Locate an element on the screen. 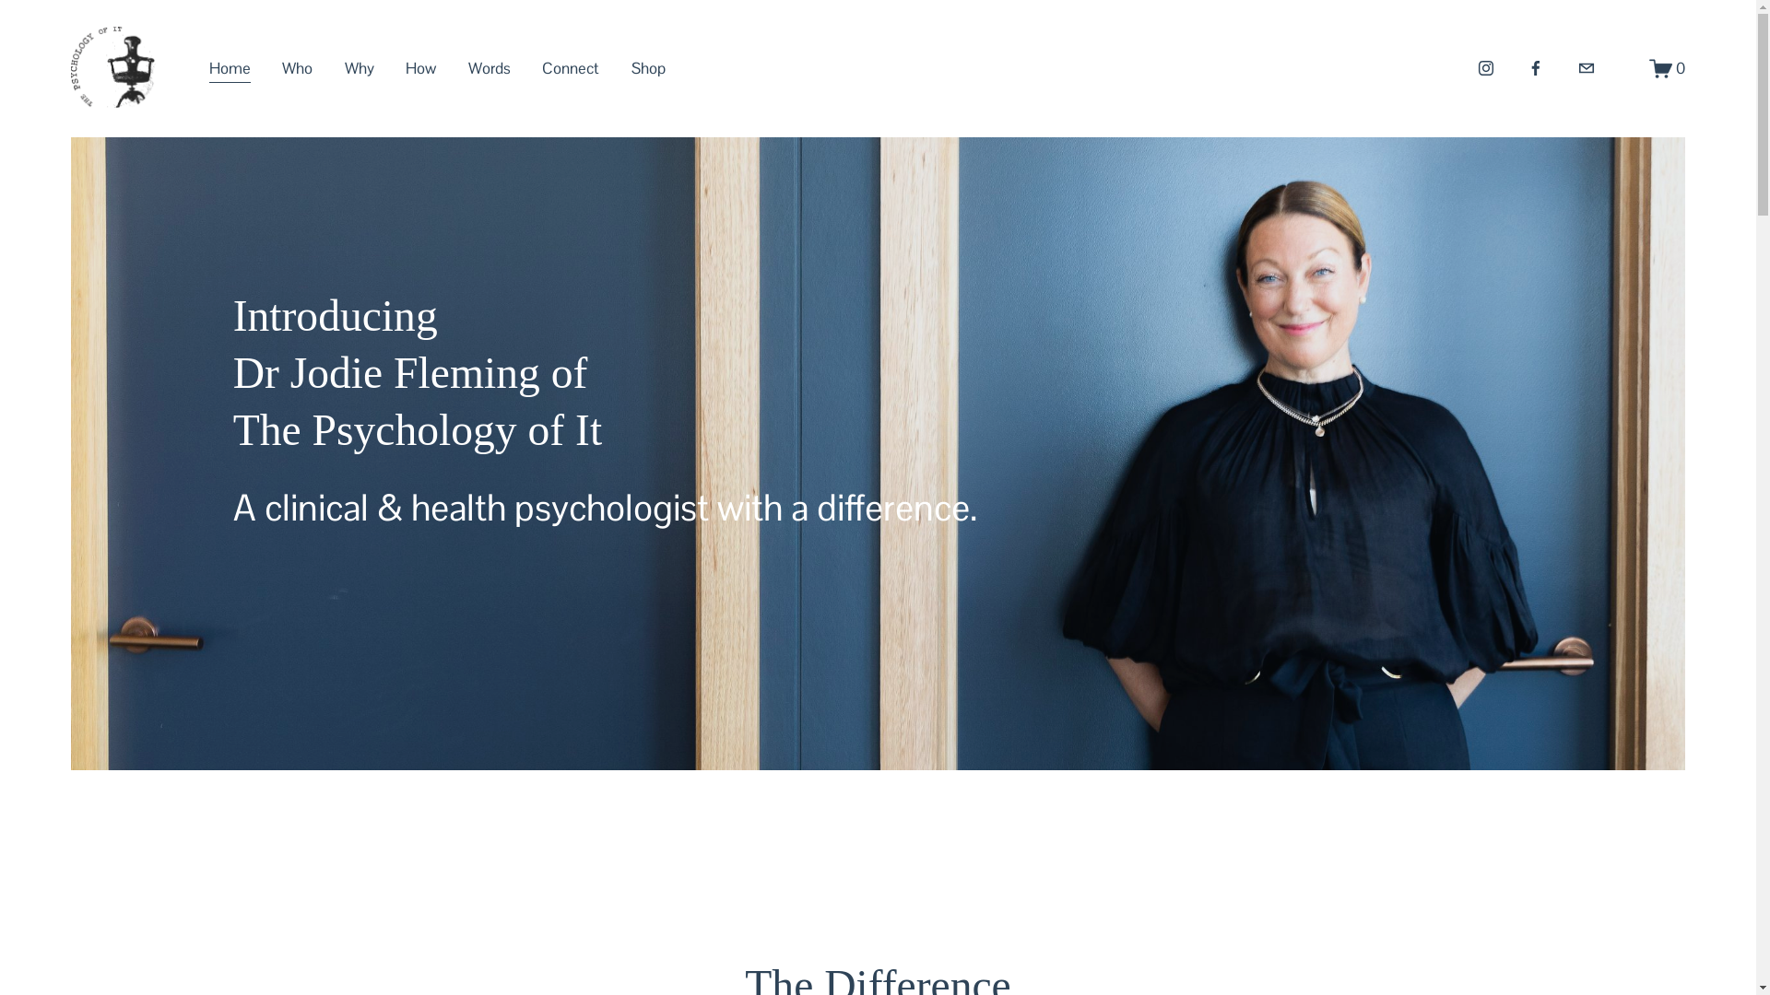 Image resolution: width=1770 pixels, height=995 pixels. '0' is located at coordinates (1668, 67).